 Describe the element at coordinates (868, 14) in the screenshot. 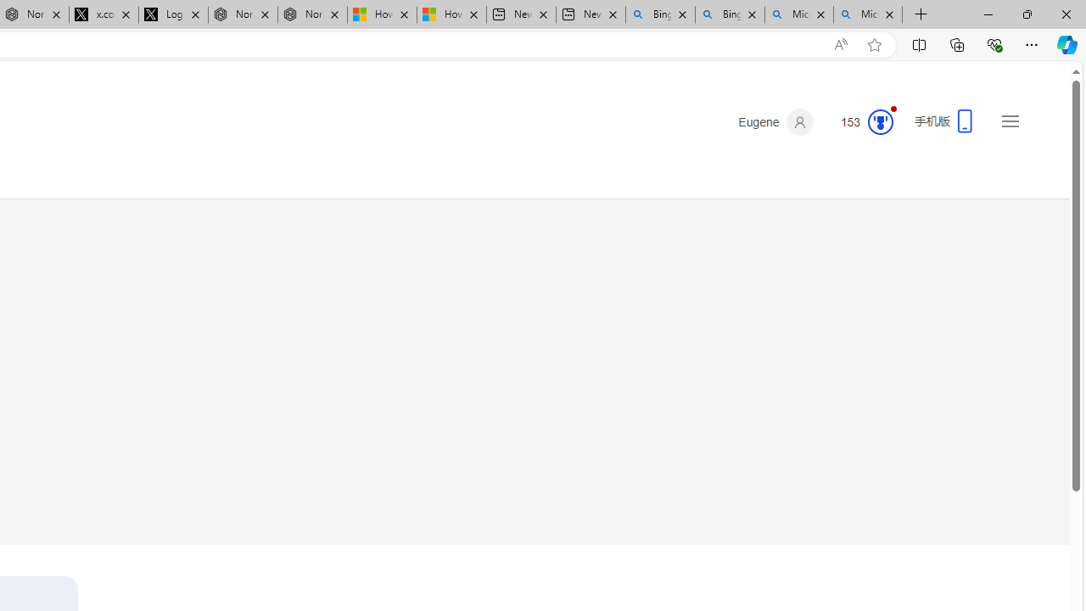

I see `'Microsoft Bing Timeline - Search'` at that location.